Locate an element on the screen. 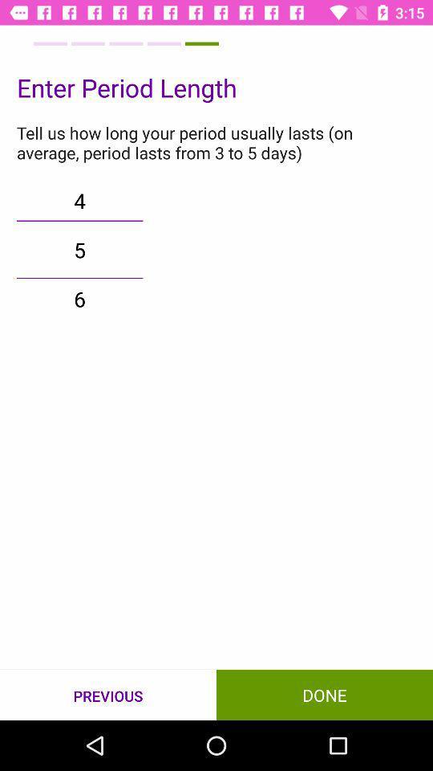 The height and width of the screenshot is (771, 433). icon next to the previous item is located at coordinates (325, 694).